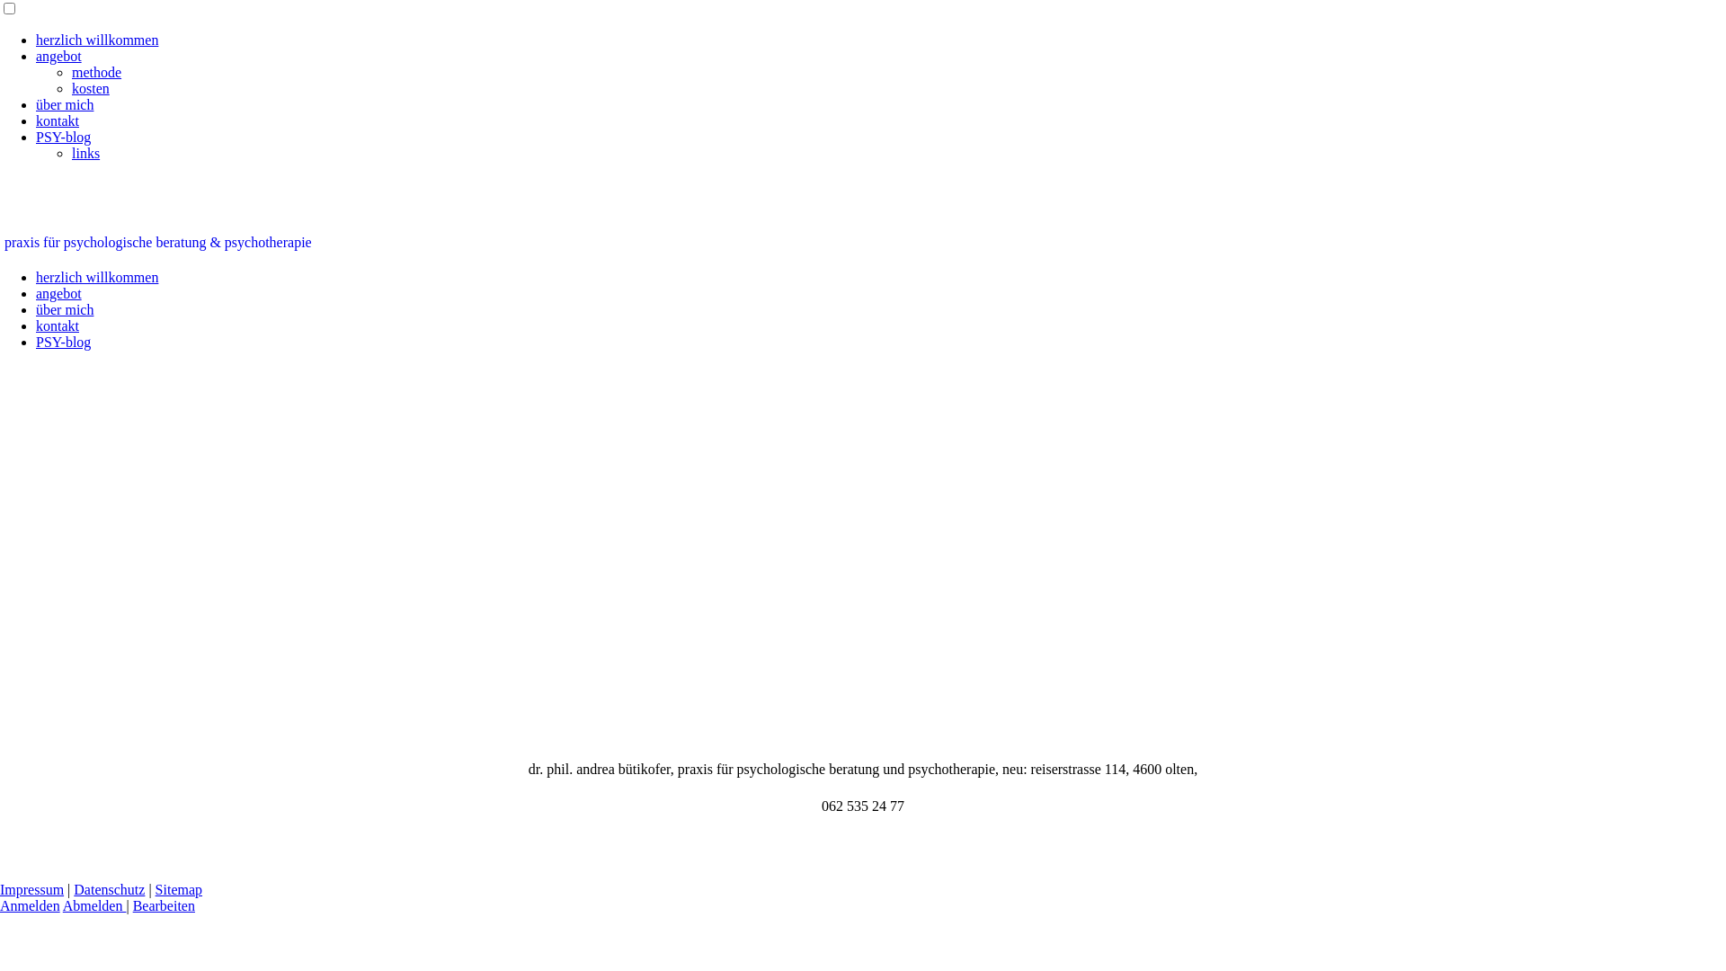 This screenshot has height=971, width=1726. I want to click on 'PSY-blog', so click(63, 136).